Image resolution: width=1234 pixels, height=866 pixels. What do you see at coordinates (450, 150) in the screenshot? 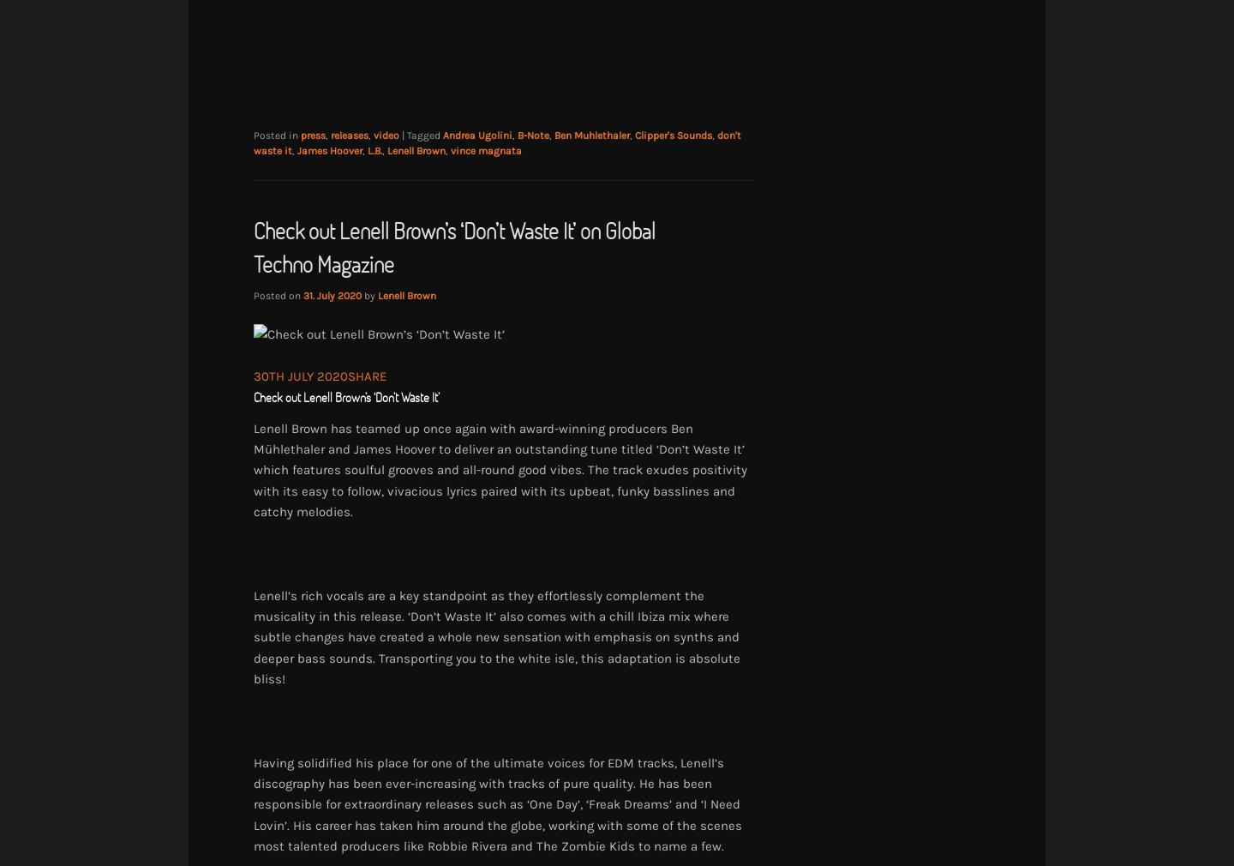
I see `'vince magnata'` at bounding box center [450, 150].